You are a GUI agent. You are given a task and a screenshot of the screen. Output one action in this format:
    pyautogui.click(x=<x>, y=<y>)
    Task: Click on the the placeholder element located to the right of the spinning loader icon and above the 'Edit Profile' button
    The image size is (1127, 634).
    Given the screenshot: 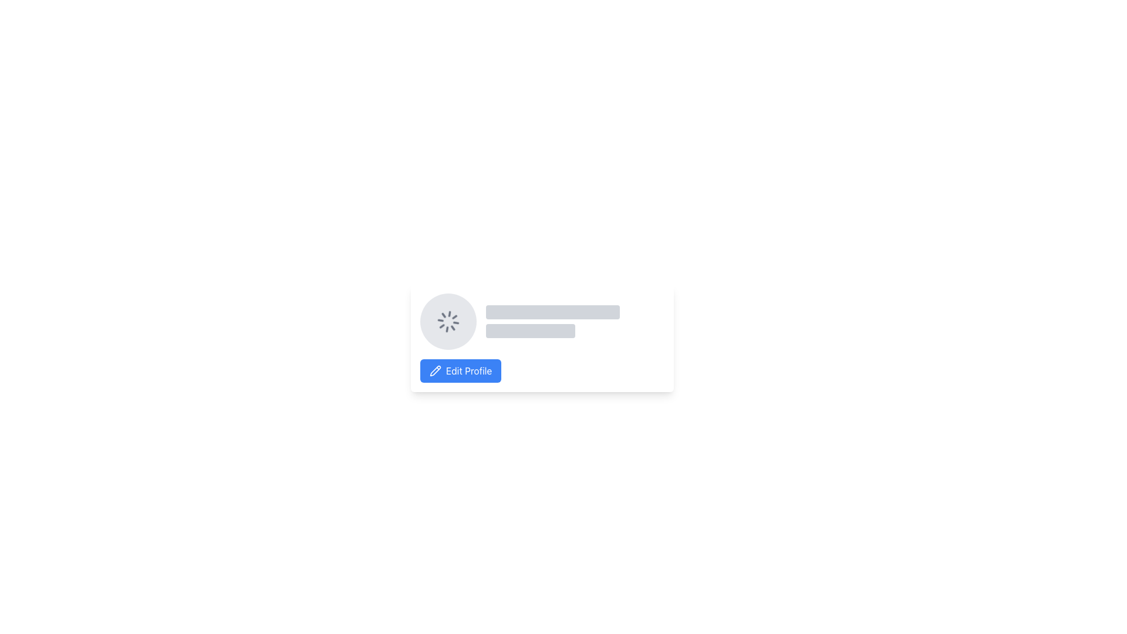 What is the action you would take?
    pyautogui.click(x=575, y=321)
    